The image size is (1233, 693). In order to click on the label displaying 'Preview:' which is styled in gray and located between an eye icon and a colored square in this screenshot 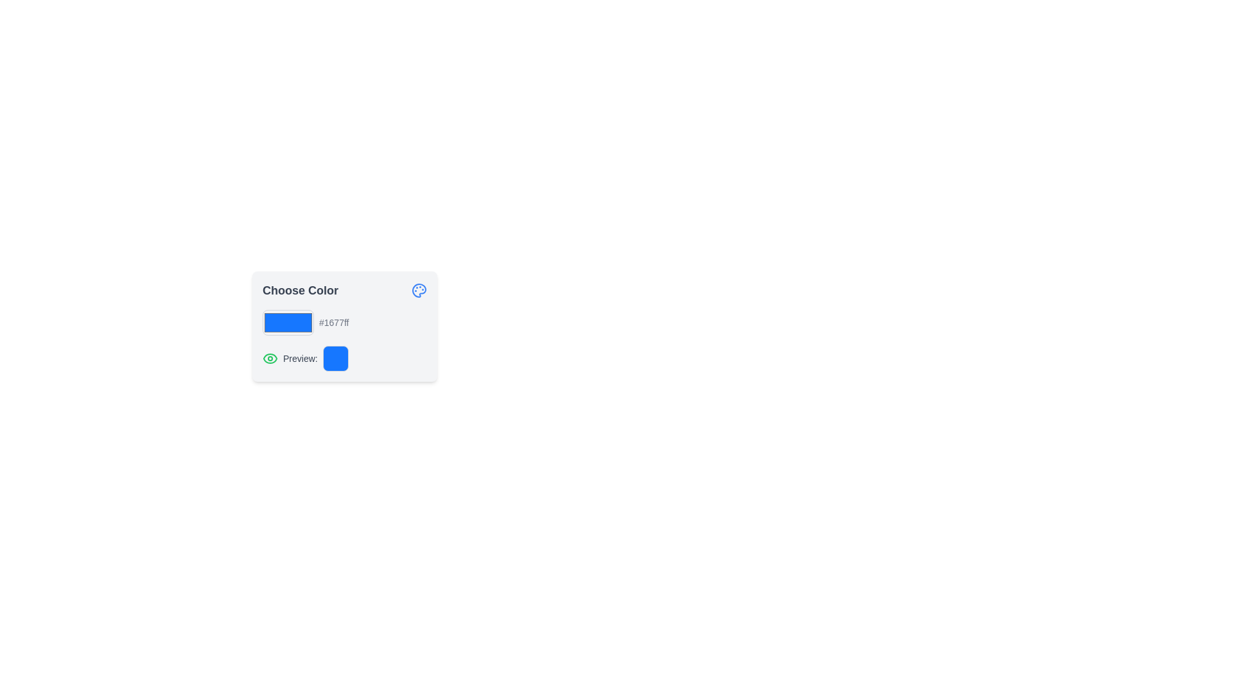, I will do `click(299, 359)`.